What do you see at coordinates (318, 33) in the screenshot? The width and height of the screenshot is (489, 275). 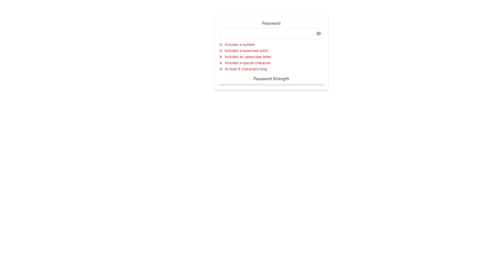 I see `the outer contour of the eye icon, which is part of the password input field, used for toggling visibility` at bounding box center [318, 33].